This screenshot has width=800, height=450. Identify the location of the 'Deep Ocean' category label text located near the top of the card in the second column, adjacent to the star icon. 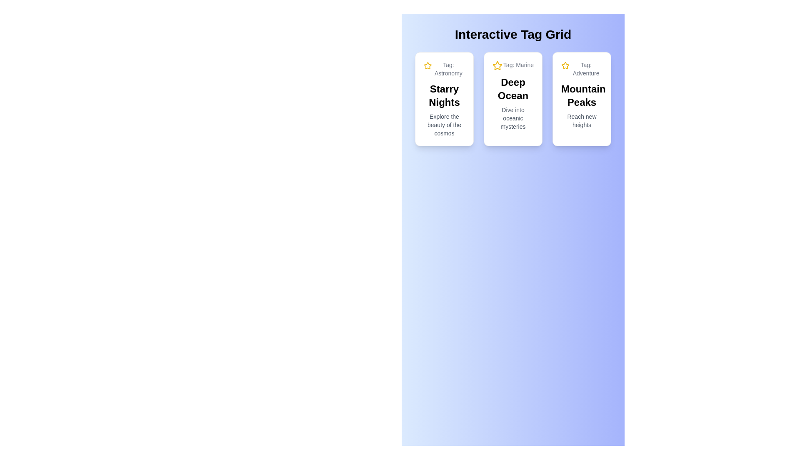
(512, 65).